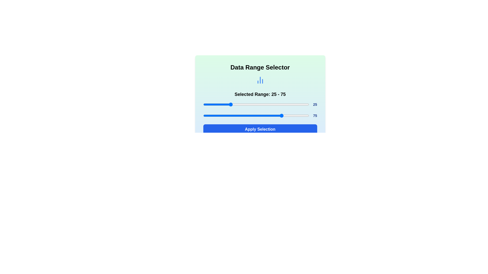 The width and height of the screenshot is (488, 274). Describe the element at coordinates (230, 104) in the screenshot. I see `the slider to set its value to 26` at that location.